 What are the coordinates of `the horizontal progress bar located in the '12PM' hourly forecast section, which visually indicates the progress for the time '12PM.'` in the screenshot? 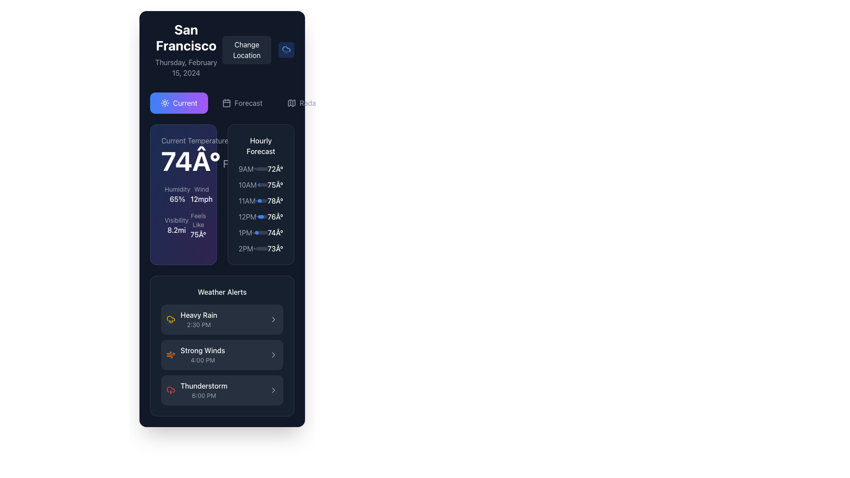 It's located at (262, 216).